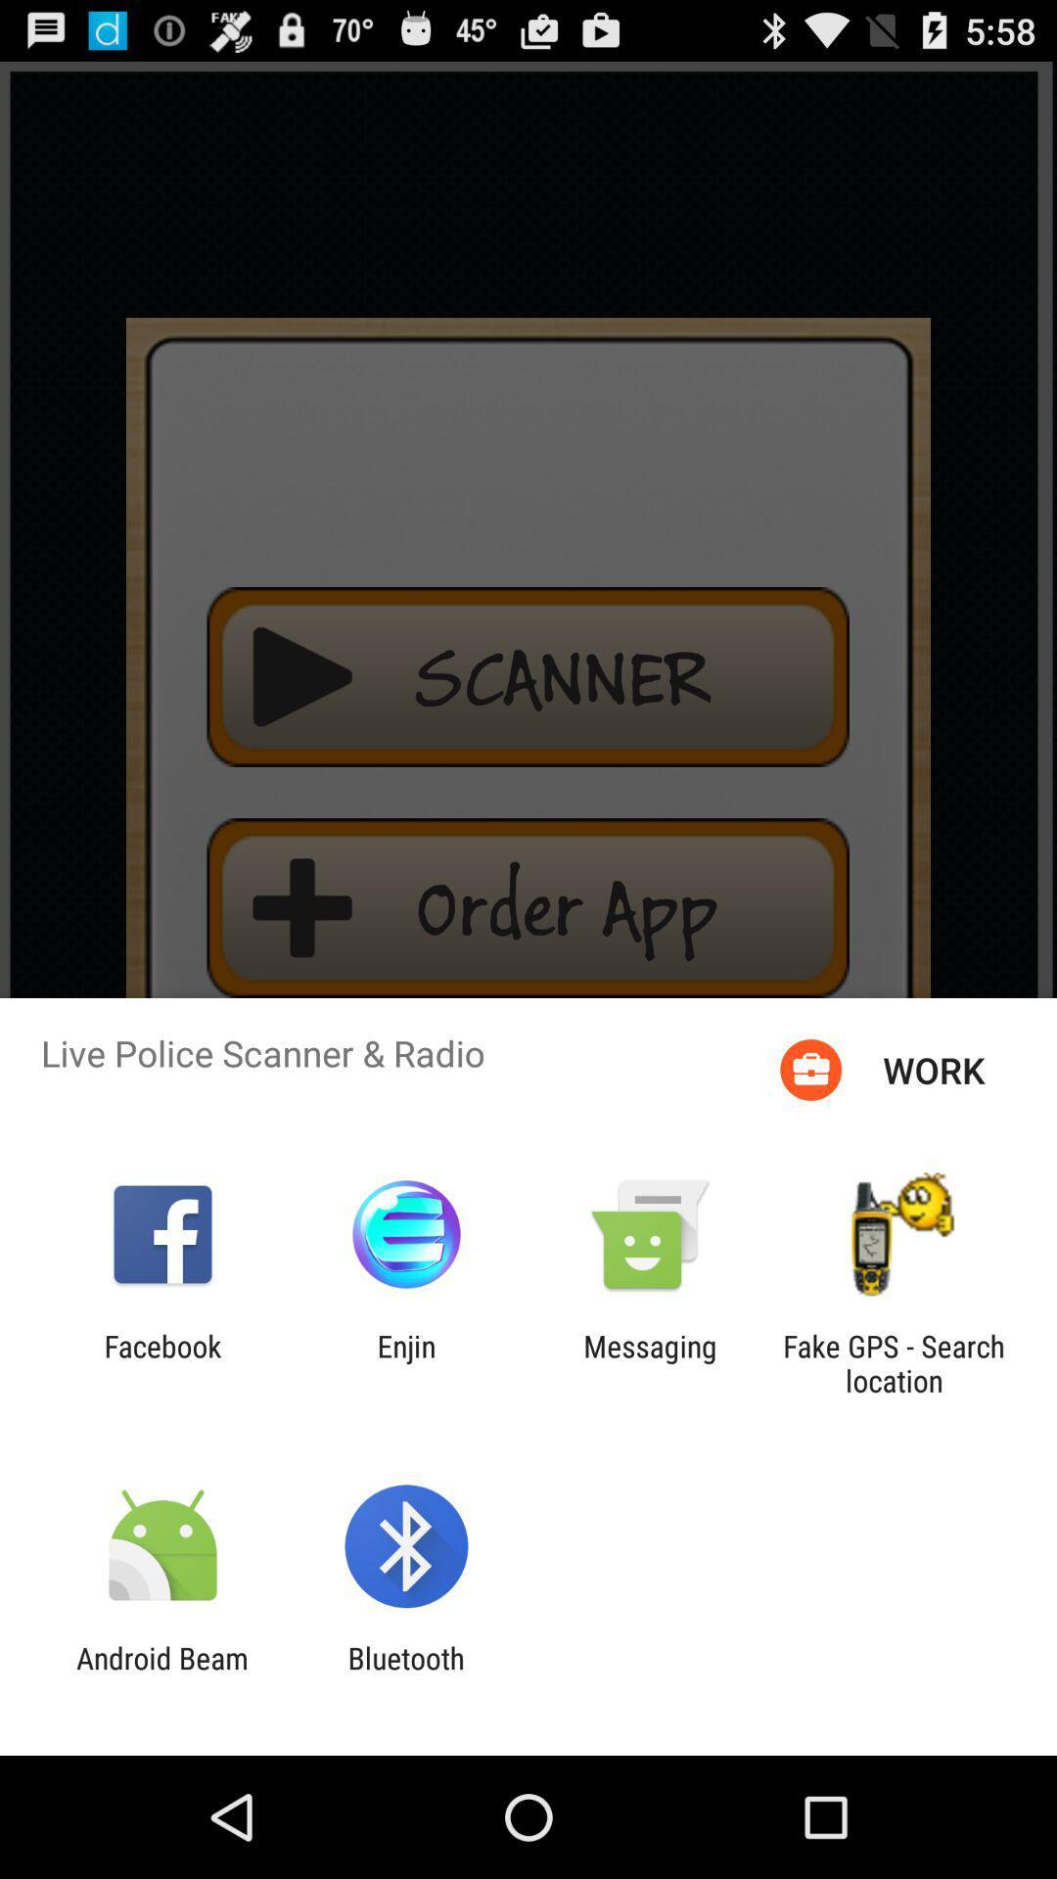 The width and height of the screenshot is (1057, 1879). Describe the element at coordinates (894, 1362) in the screenshot. I see `fake gps search app` at that location.